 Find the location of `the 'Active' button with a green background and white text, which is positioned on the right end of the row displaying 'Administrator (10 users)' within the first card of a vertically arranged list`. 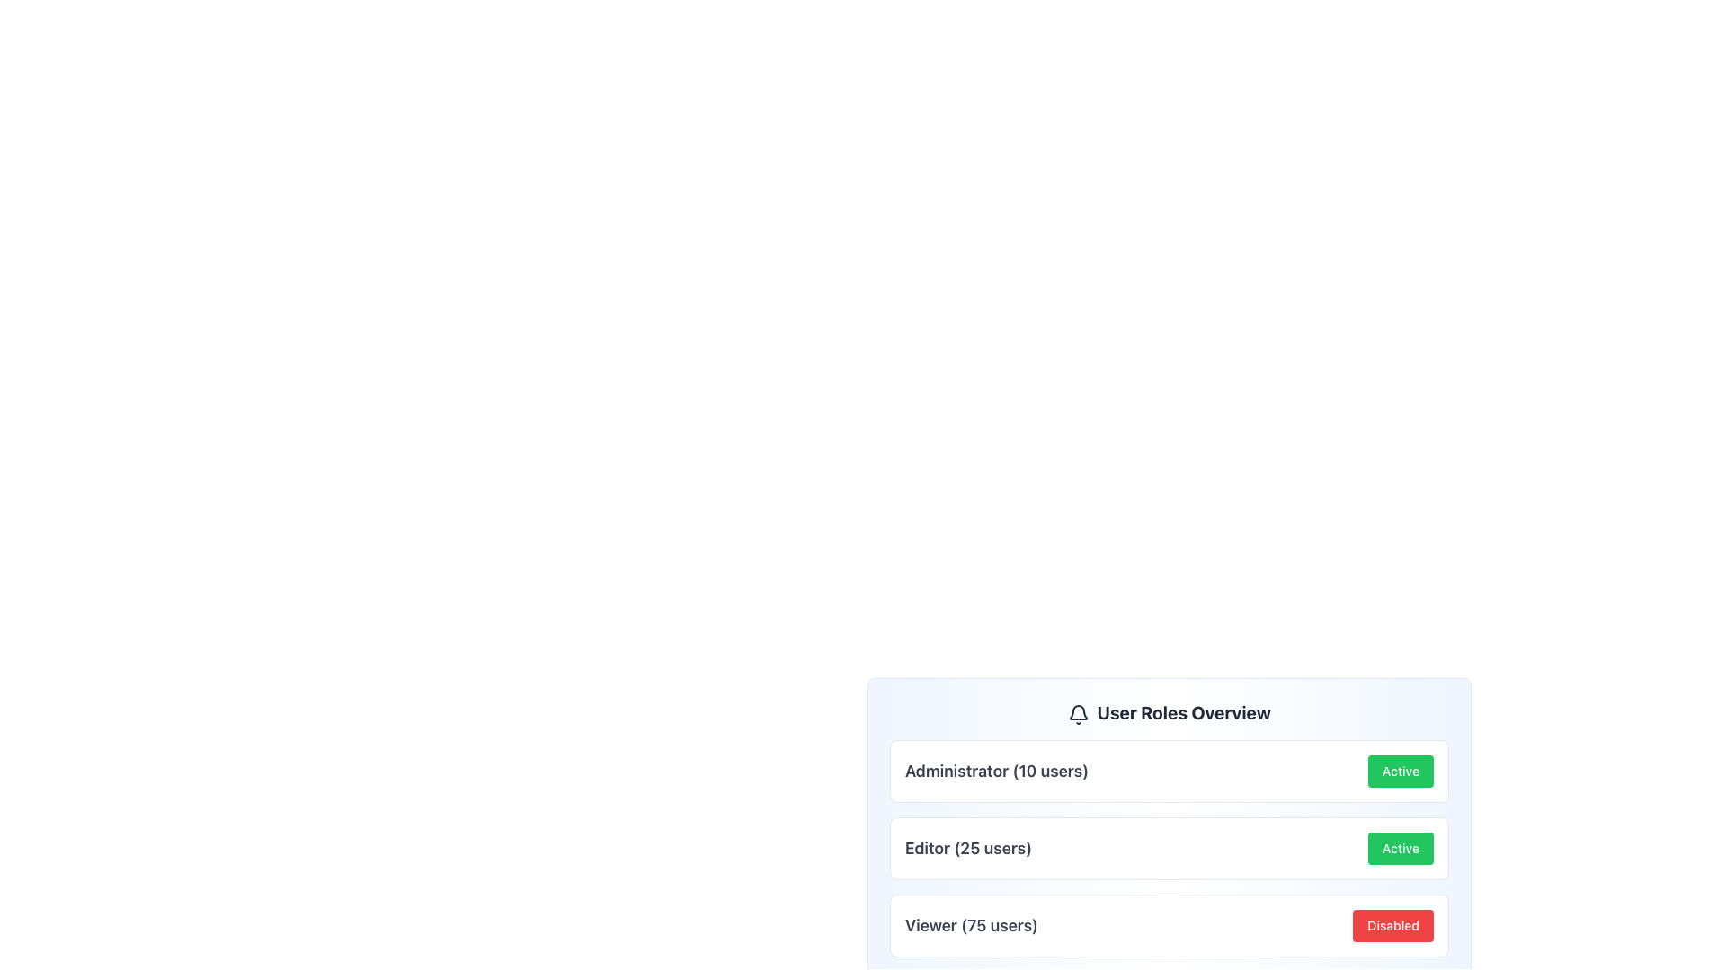

the 'Active' button with a green background and white text, which is positioned on the right end of the row displaying 'Administrator (10 users)' within the first card of a vertically arranged list is located at coordinates (1400, 771).